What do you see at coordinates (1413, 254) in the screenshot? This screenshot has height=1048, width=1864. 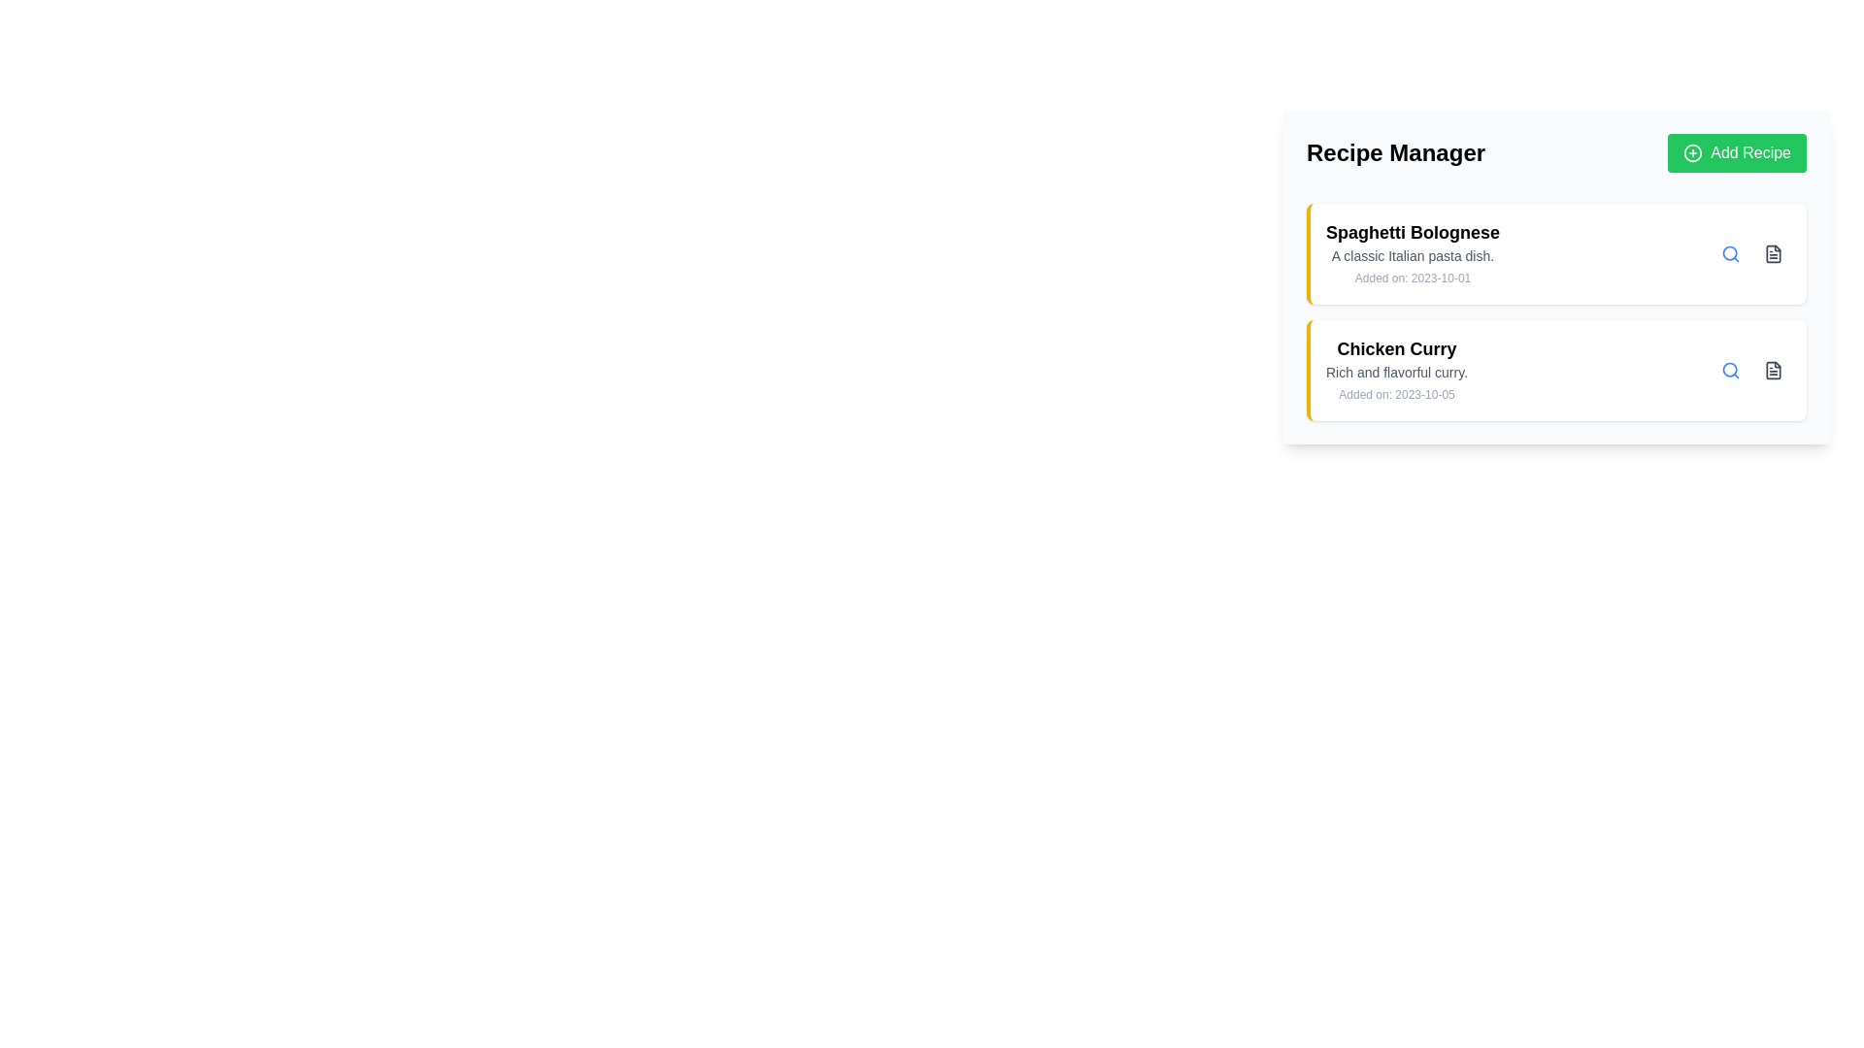 I see `the descriptive subtitle text label providing context for the title 'Spaghetti Bolognese' located in the upper-right quadrant of the interface` at bounding box center [1413, 254].